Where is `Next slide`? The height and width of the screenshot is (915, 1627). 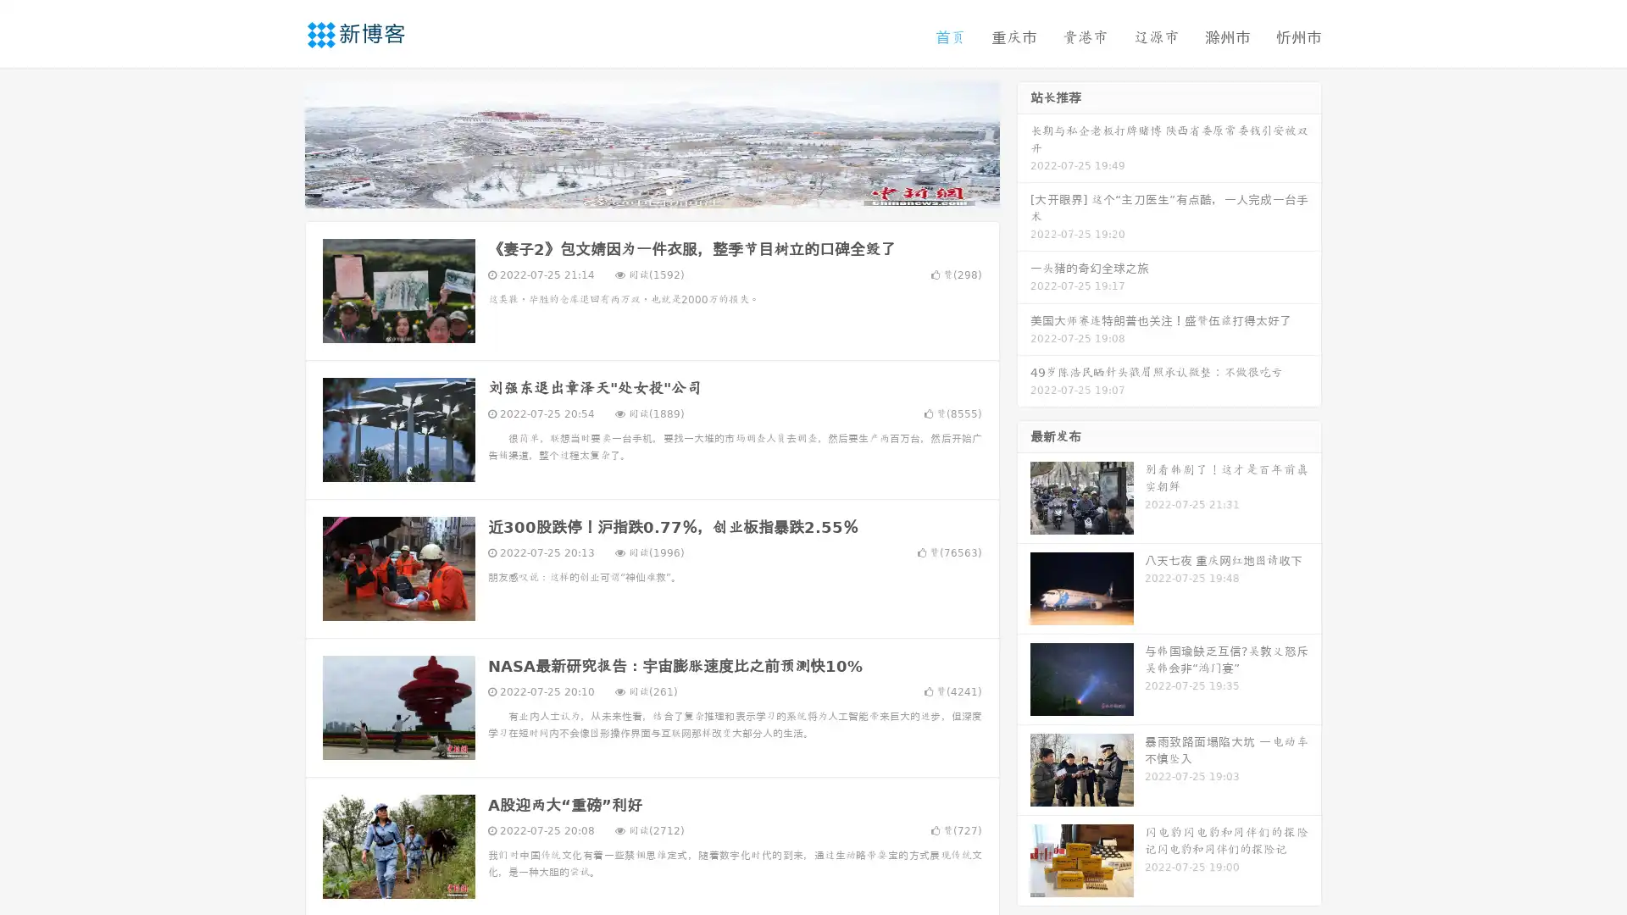
Next slide is located at coordinates (1024, 142).